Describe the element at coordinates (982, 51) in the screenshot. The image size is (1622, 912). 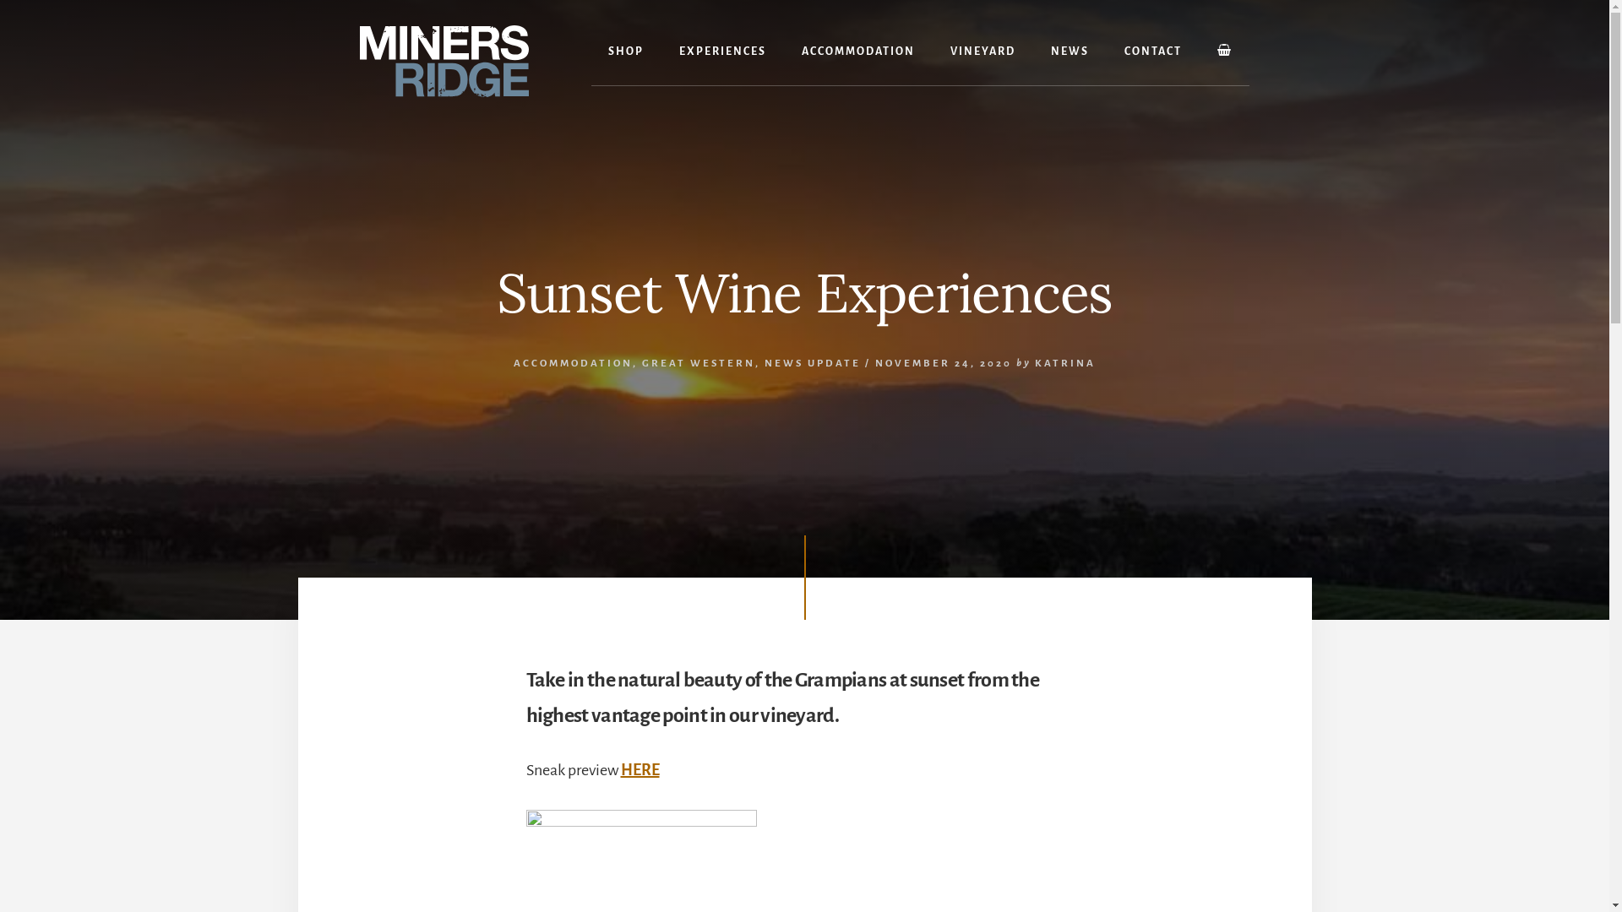
I see `'VINEYARD'` at that location.